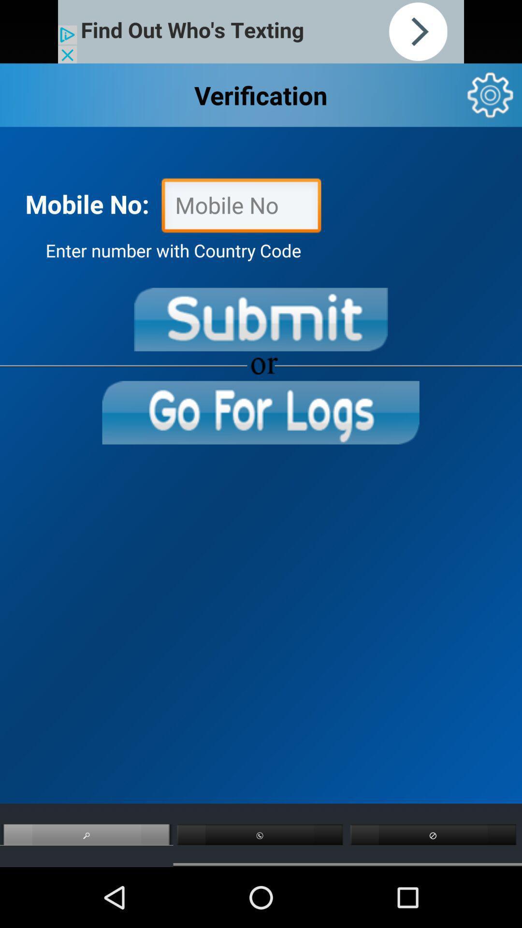  What do you see at coordinates (260, 412) in the screenshot?
I see `logs` at bounding box center [260, 412].